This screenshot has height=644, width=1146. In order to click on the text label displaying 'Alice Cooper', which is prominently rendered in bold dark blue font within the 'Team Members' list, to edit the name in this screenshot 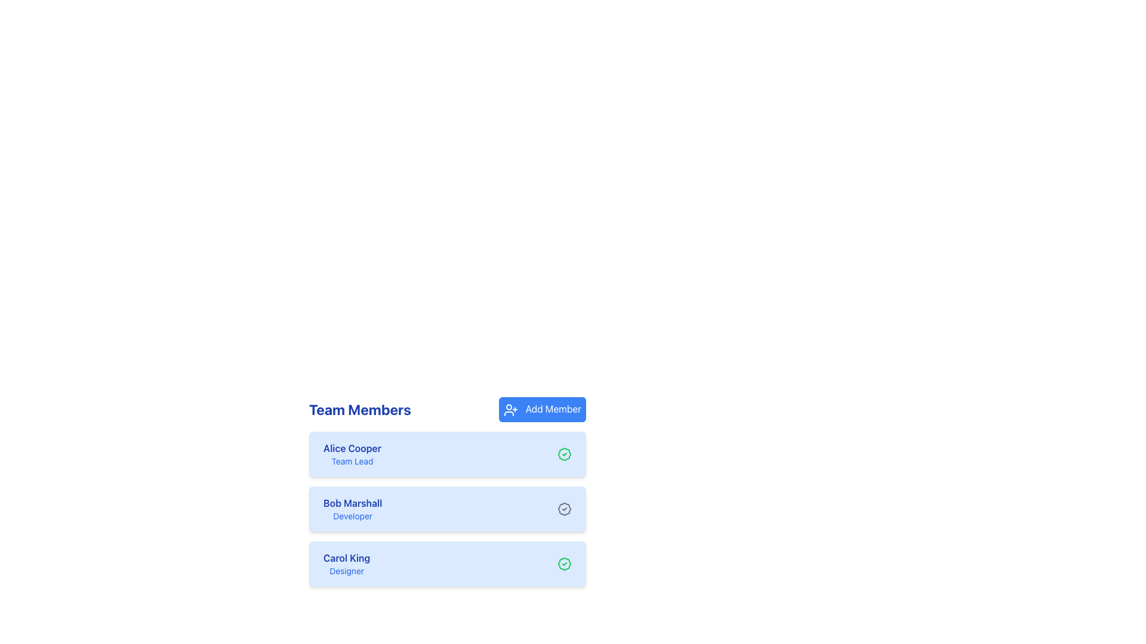, I will do `click(352, 448)`.